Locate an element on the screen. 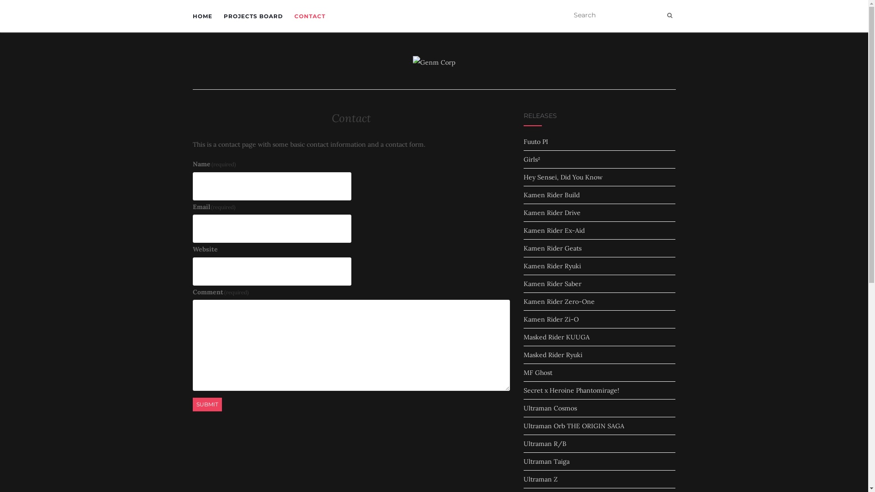 Image resolution: width=875 pixels, height=492 pixels. 'Ultraman Taiga' is located at coordinates (546, 461).